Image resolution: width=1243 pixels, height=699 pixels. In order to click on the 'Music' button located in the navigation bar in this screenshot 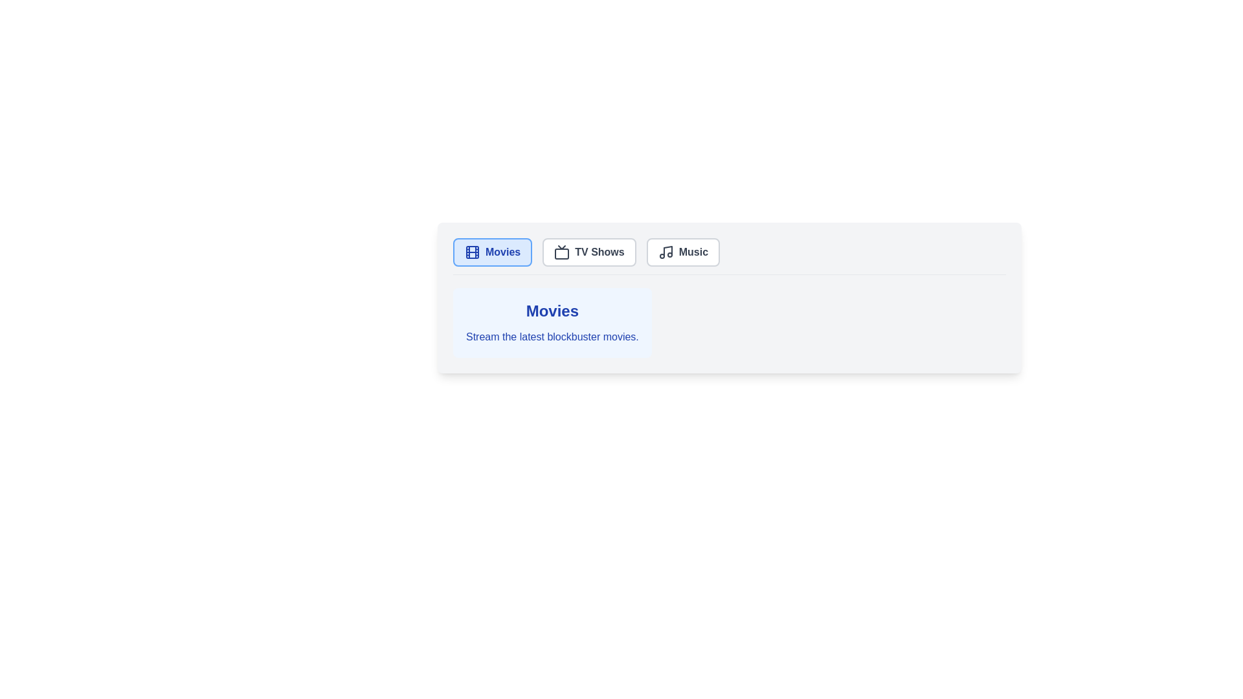, I will do `click(682, 252)`.